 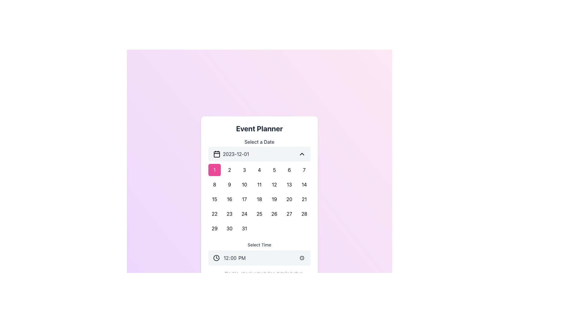 I want to click on the rounded rectangular numeric button labeled '4', so click(x=259, y=170).